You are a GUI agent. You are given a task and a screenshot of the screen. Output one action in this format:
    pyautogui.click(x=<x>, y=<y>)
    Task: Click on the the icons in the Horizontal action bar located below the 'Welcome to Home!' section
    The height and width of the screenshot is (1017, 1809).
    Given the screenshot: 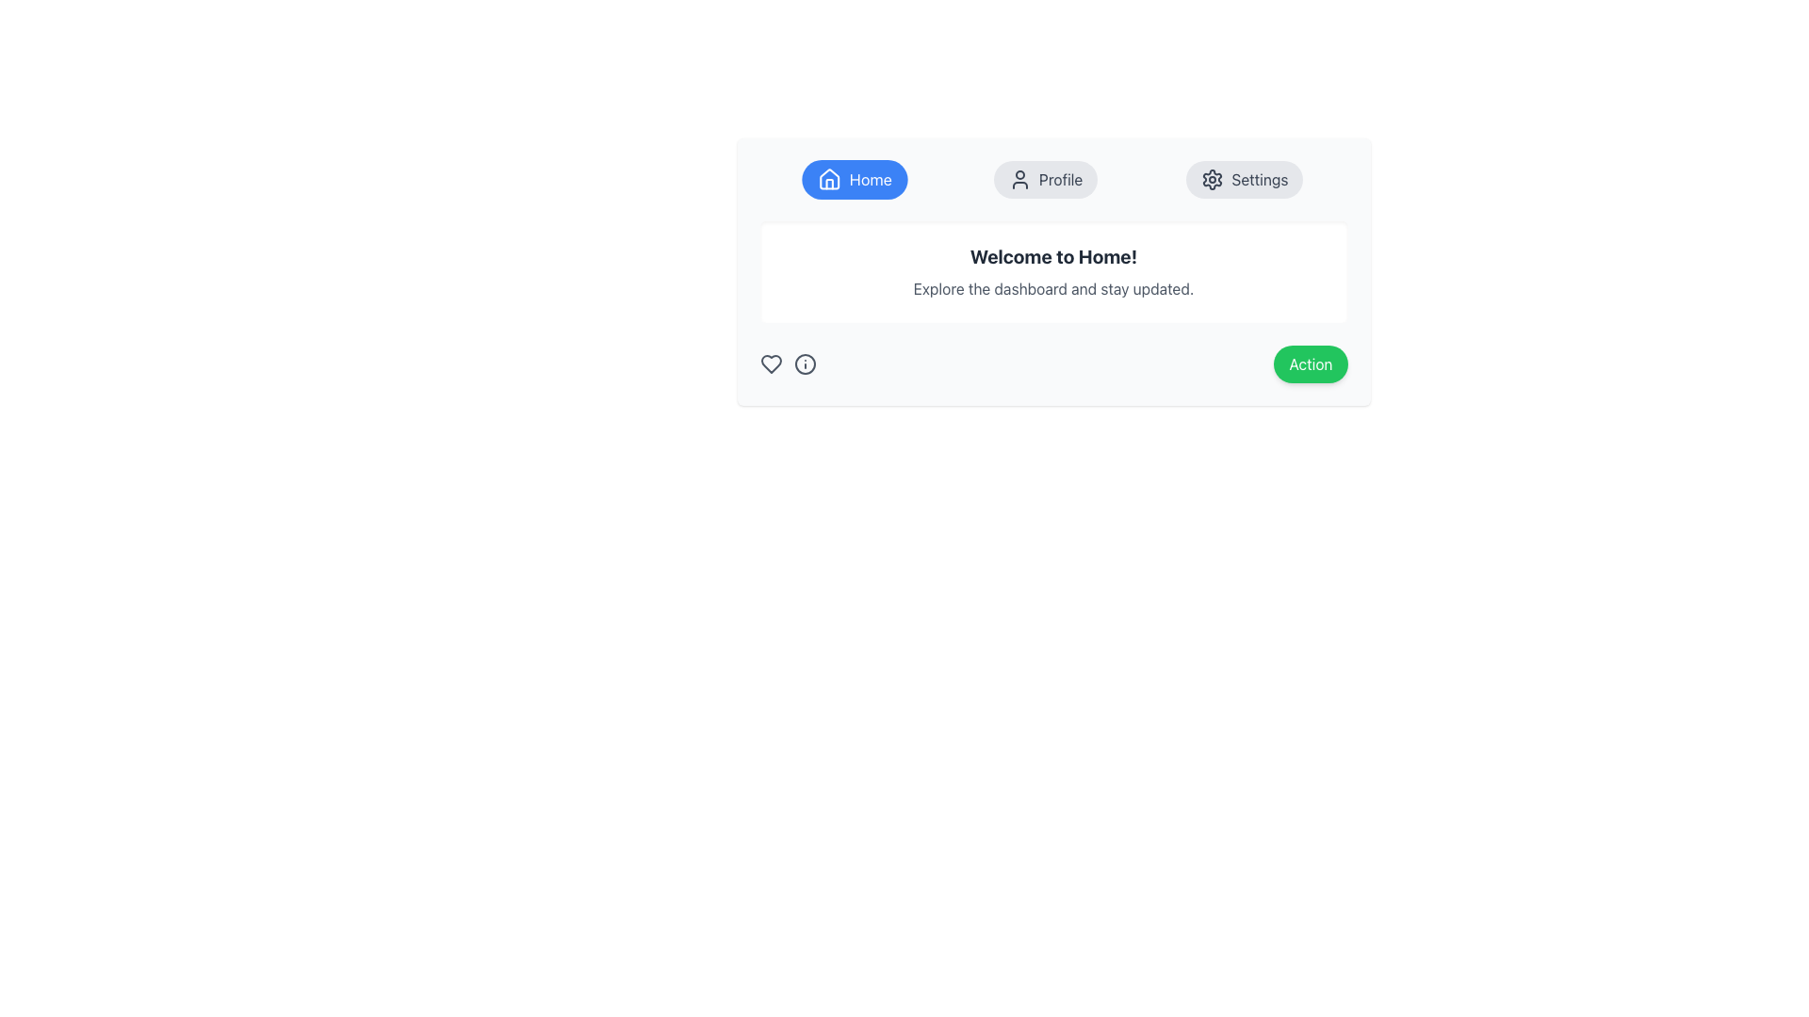 What is the action you would take?
    pyautogui.click(x=1052, y=363)
    